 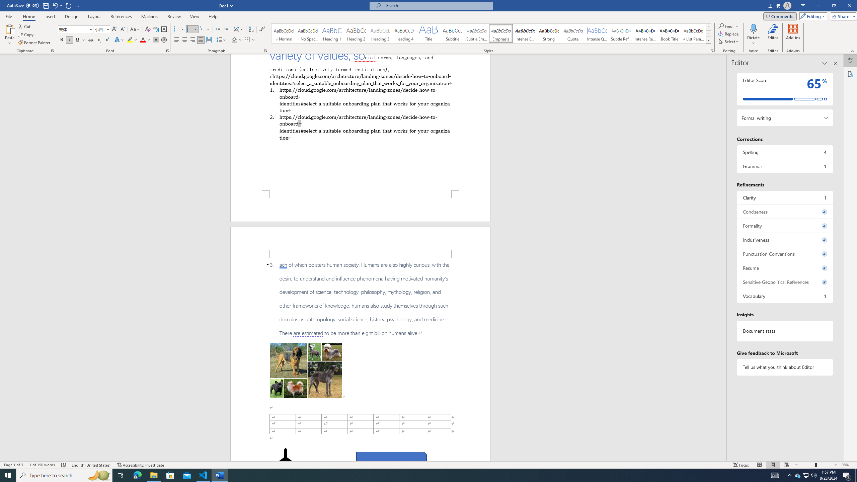 I want to click on 'Editor Score 65%', so click(x=784, y=89).